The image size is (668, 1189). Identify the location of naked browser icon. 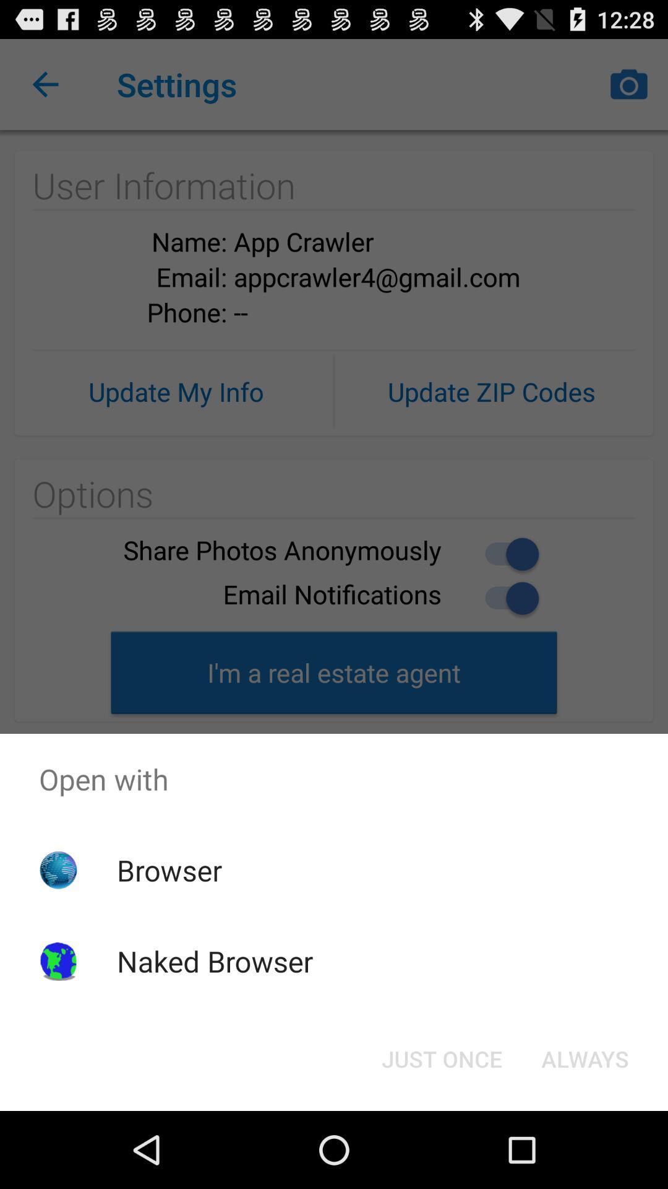
(214, 960).